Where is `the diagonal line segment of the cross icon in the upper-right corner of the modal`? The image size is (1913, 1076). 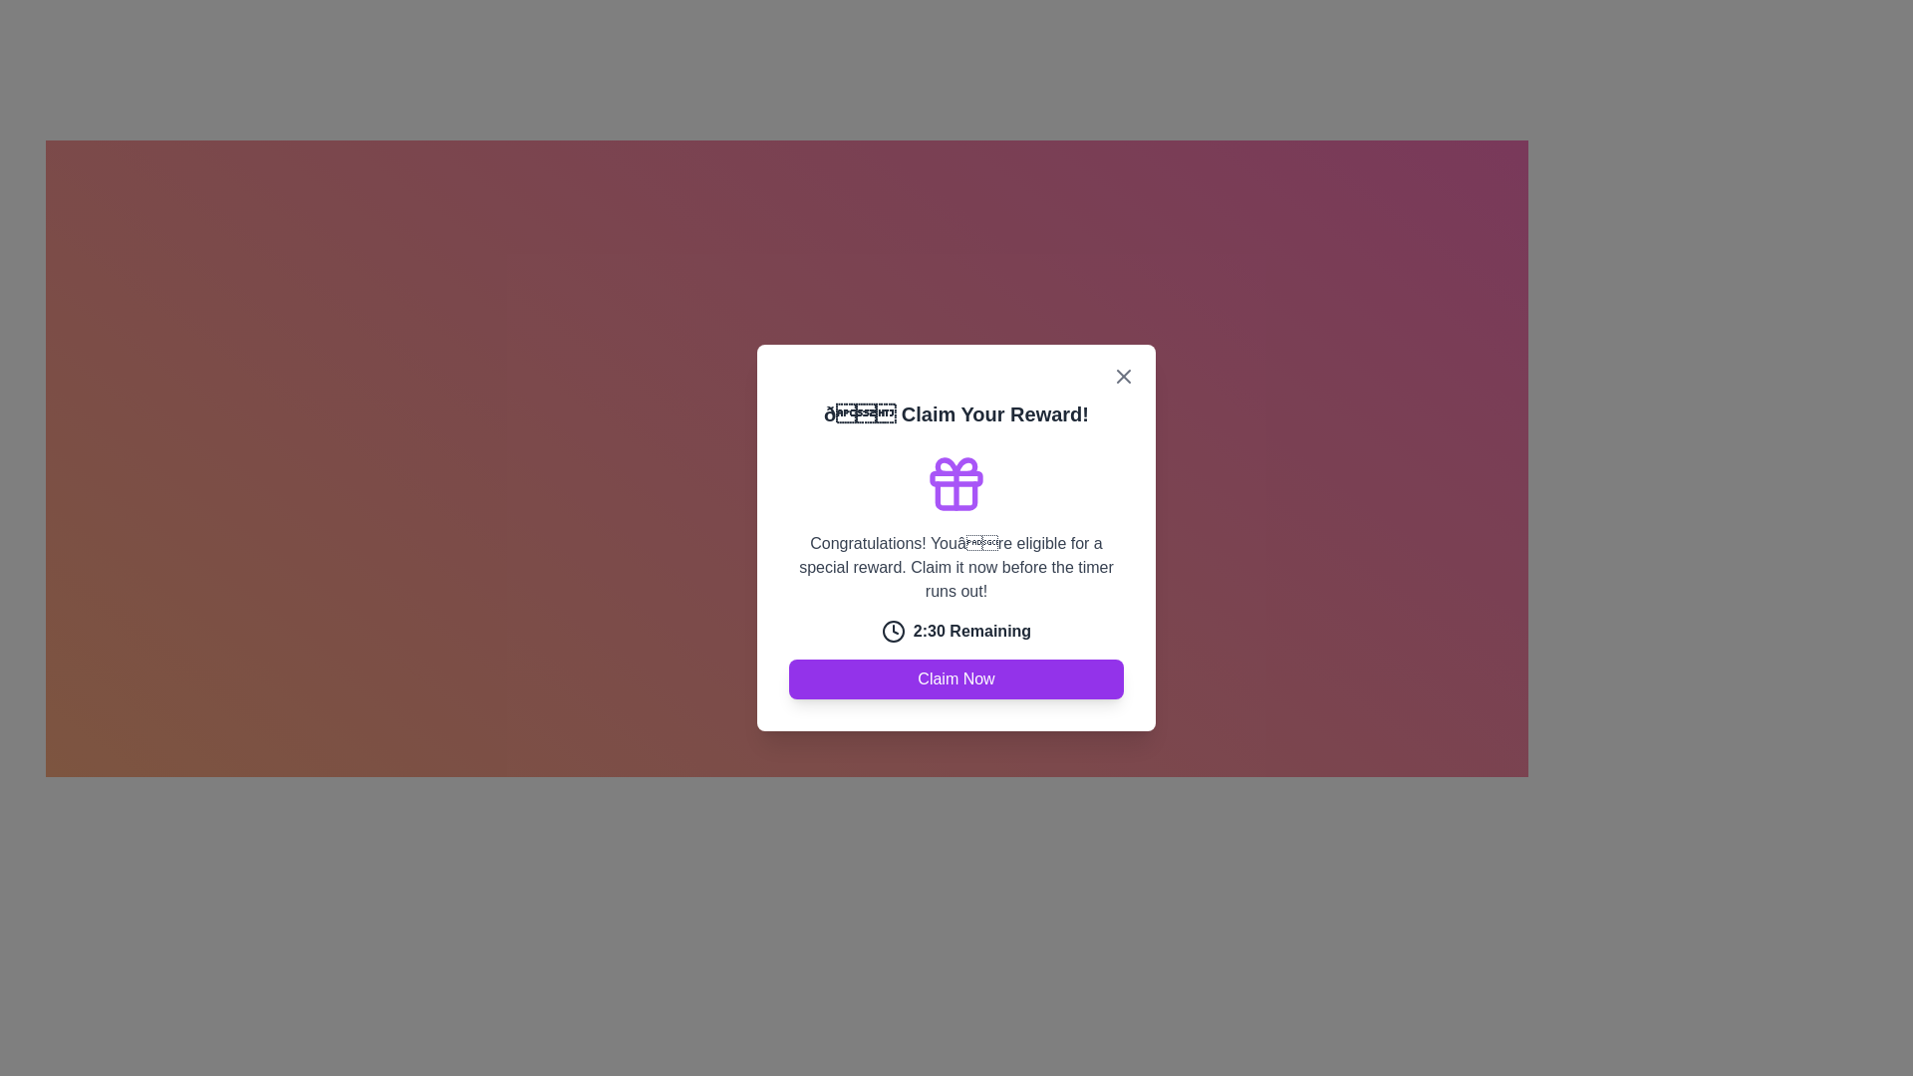 the diagonal line segment of the cross icon in the upper-right corner of the modal is located at coordinates (1124, 377).